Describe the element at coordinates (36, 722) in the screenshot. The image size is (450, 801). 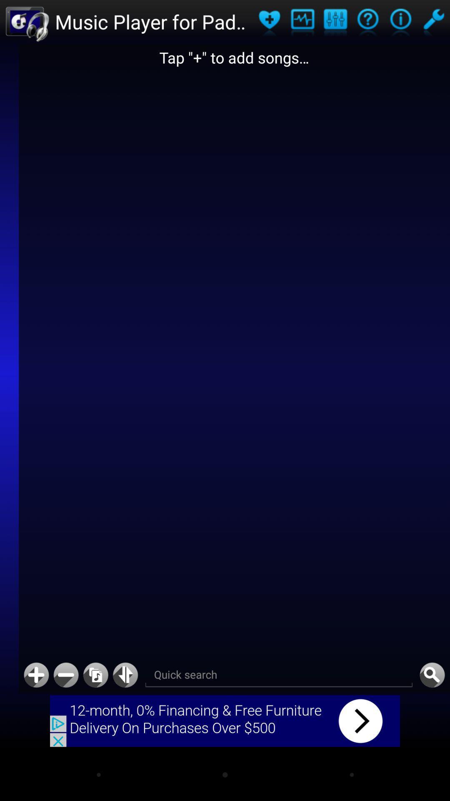
I see `the add icon` at that location.